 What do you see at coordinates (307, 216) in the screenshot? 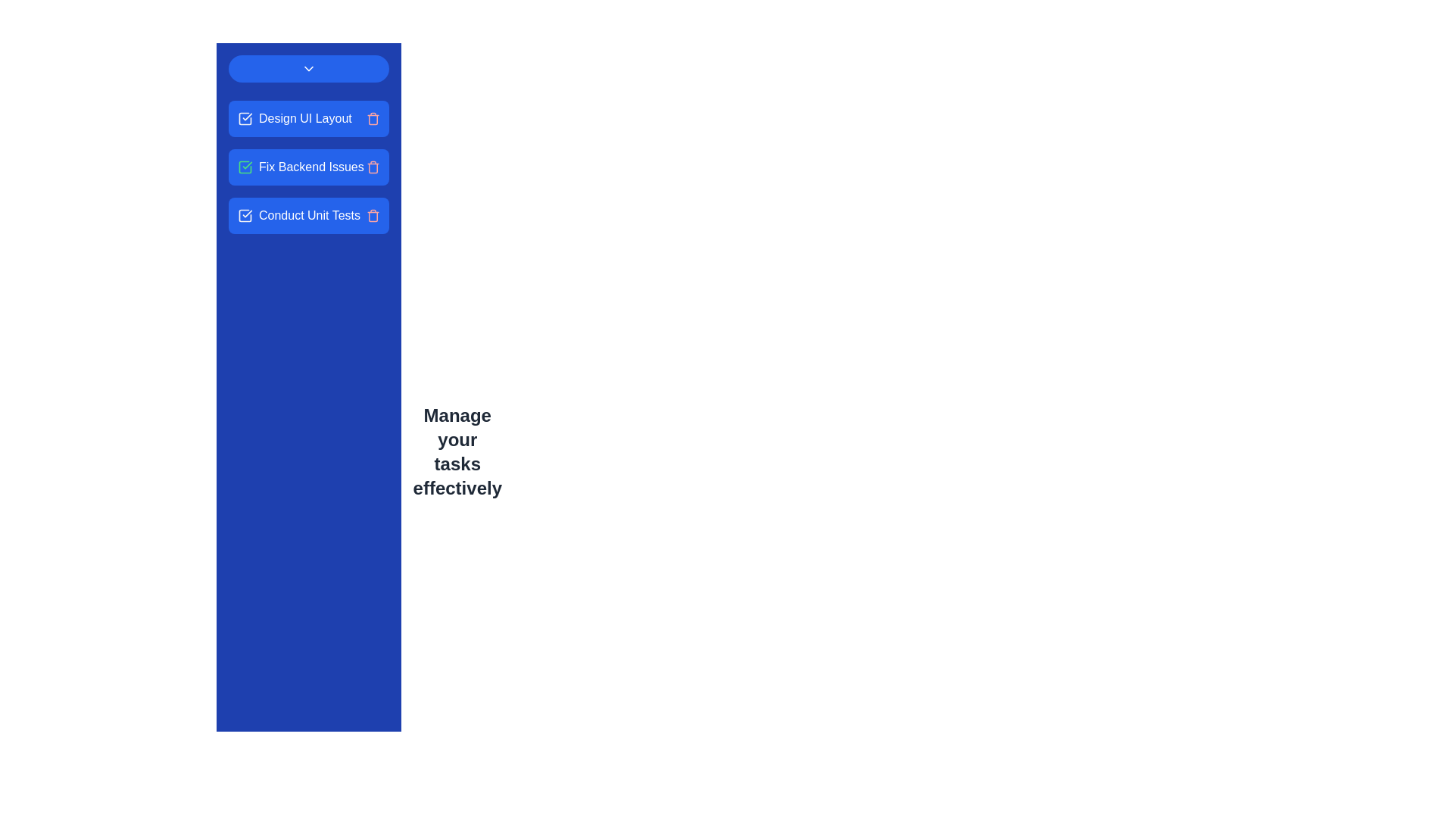
I see `the checkbox of the third task item in the to-do list to mark the task as done` at bounding box center [307, 216].